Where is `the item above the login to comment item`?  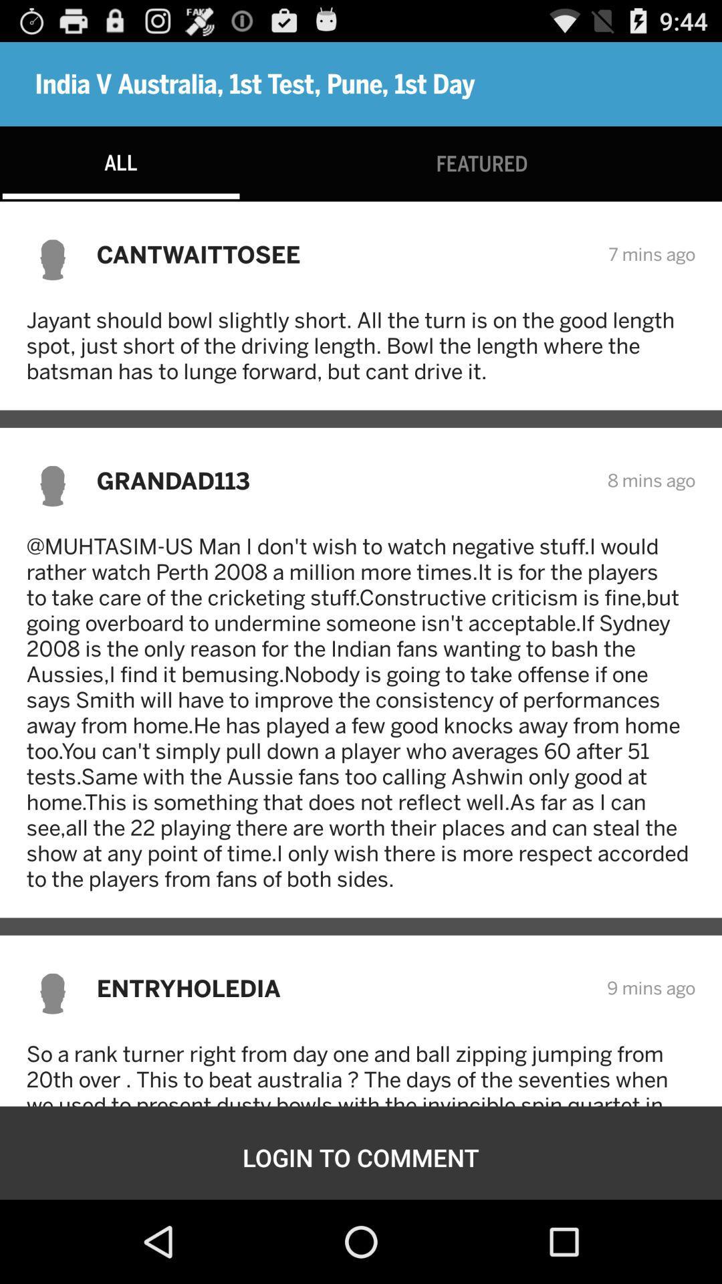 the item above the login to comment item is located at coordinates (361, 1073).